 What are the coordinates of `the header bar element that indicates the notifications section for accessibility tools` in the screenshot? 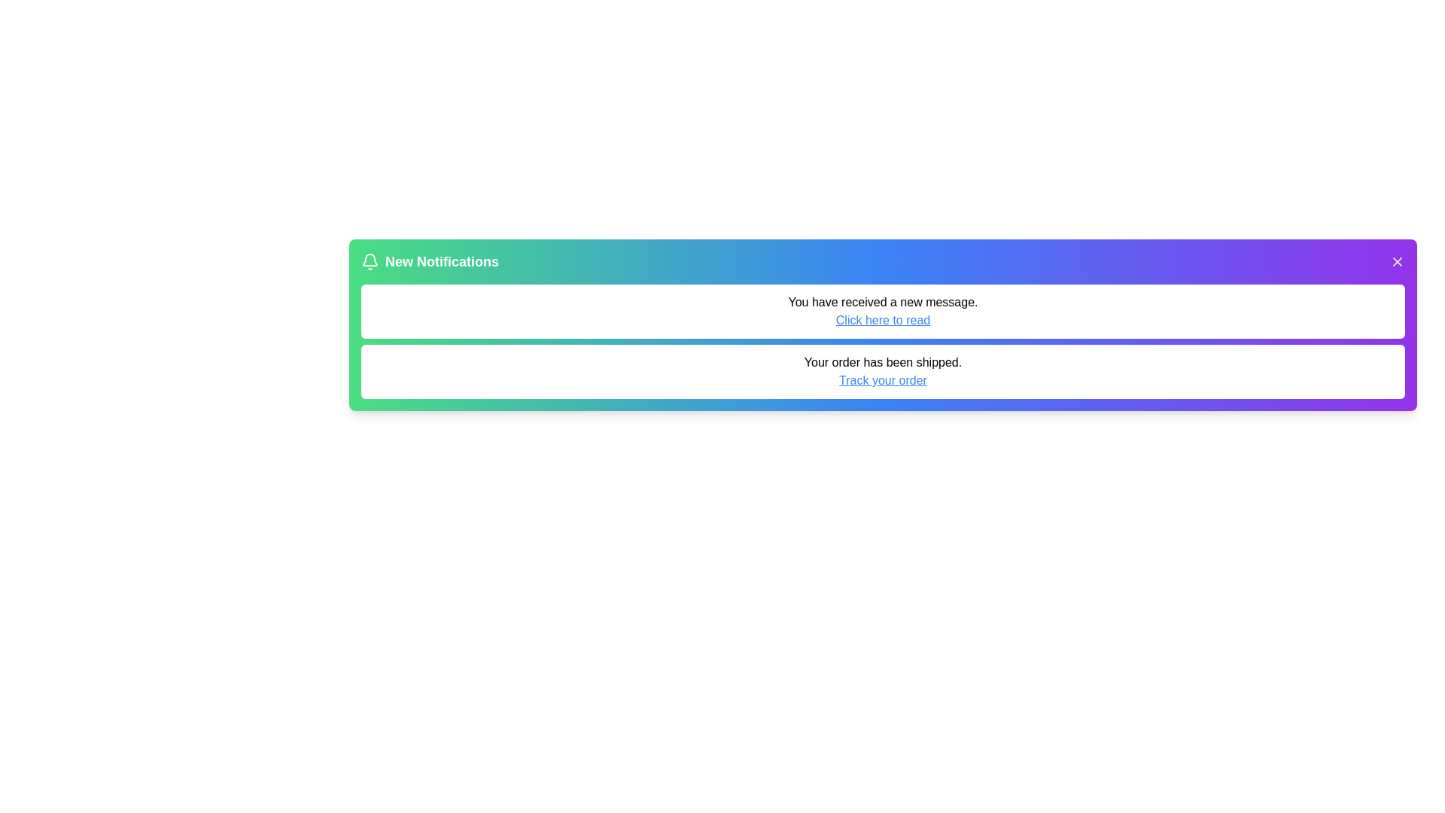 It's located at (883, 260).